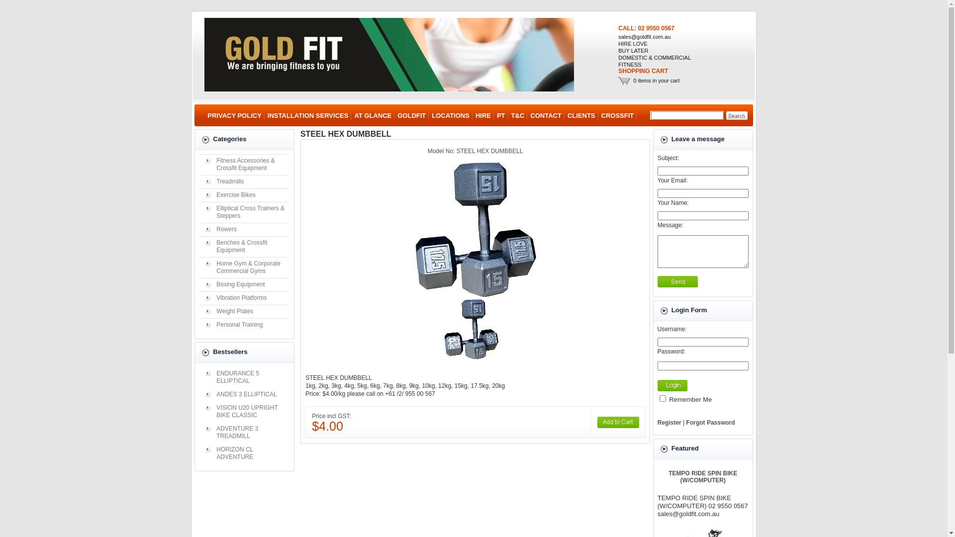  Describe the element at coordinates (244, 432) in the screenshot. I see `'ADVENTURE 3 TREADMILL'` at that location.